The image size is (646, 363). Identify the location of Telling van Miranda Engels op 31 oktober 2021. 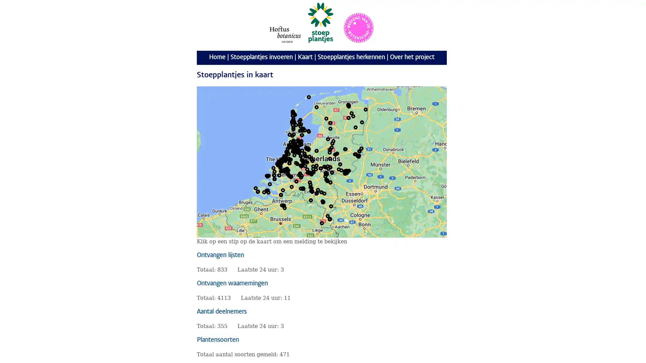
(264, 192).